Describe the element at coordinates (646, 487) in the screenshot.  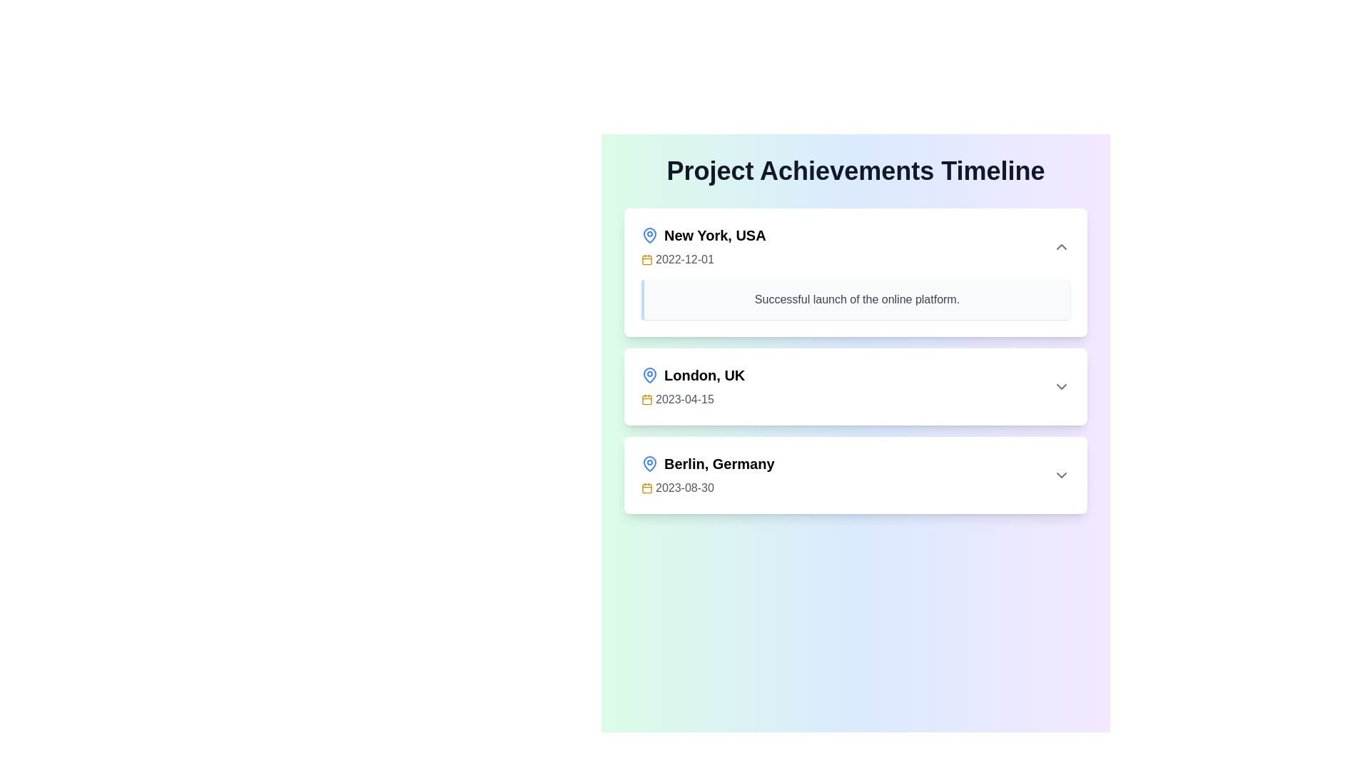
I see `the icon associated with the date '2023-08-30' in the third timeline item under 'Berlin, Germany' to view its styling details` at that location.